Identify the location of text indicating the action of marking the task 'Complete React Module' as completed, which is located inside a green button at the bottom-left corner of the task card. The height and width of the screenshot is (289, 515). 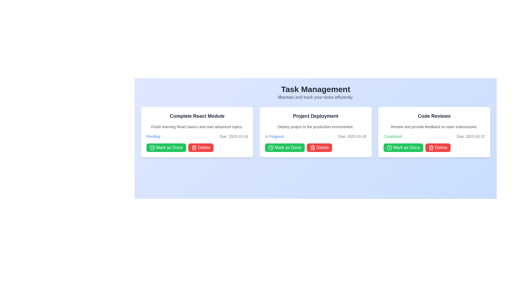
(169, 147).